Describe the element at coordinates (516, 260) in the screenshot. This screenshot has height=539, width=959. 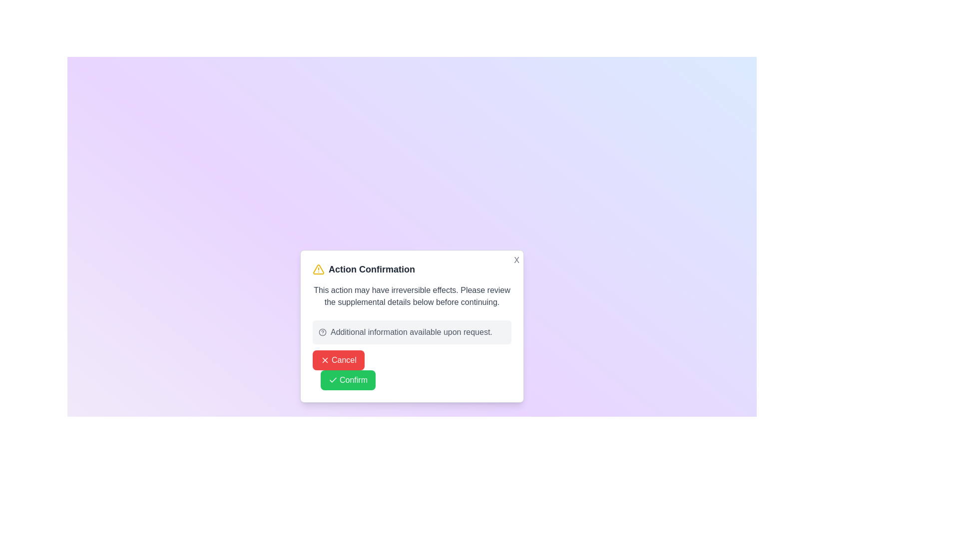
I see `the small gray button displaying the letter 'X' at the top-right corner of the modal dialog box` at that location.